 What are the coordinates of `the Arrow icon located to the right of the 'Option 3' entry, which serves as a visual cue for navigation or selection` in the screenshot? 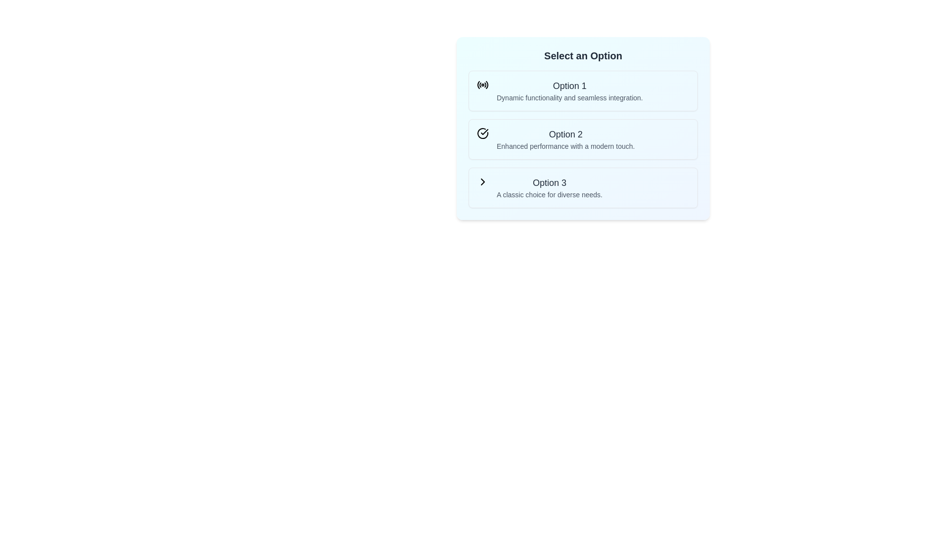 It's located at (483, 181).